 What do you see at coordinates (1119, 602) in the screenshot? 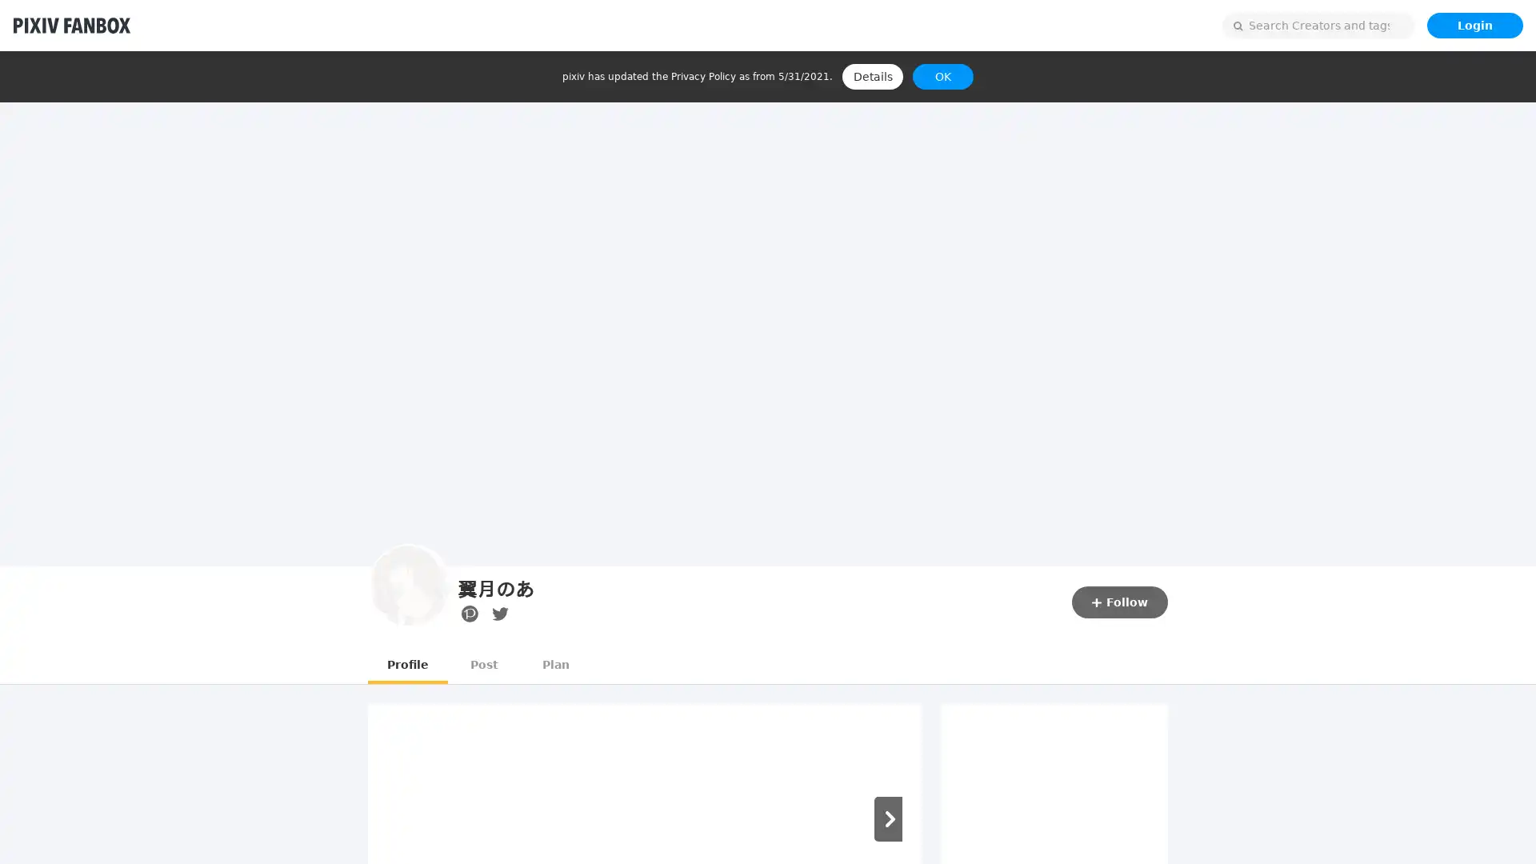
I see `Follow` at bounding box center [1119, 602].